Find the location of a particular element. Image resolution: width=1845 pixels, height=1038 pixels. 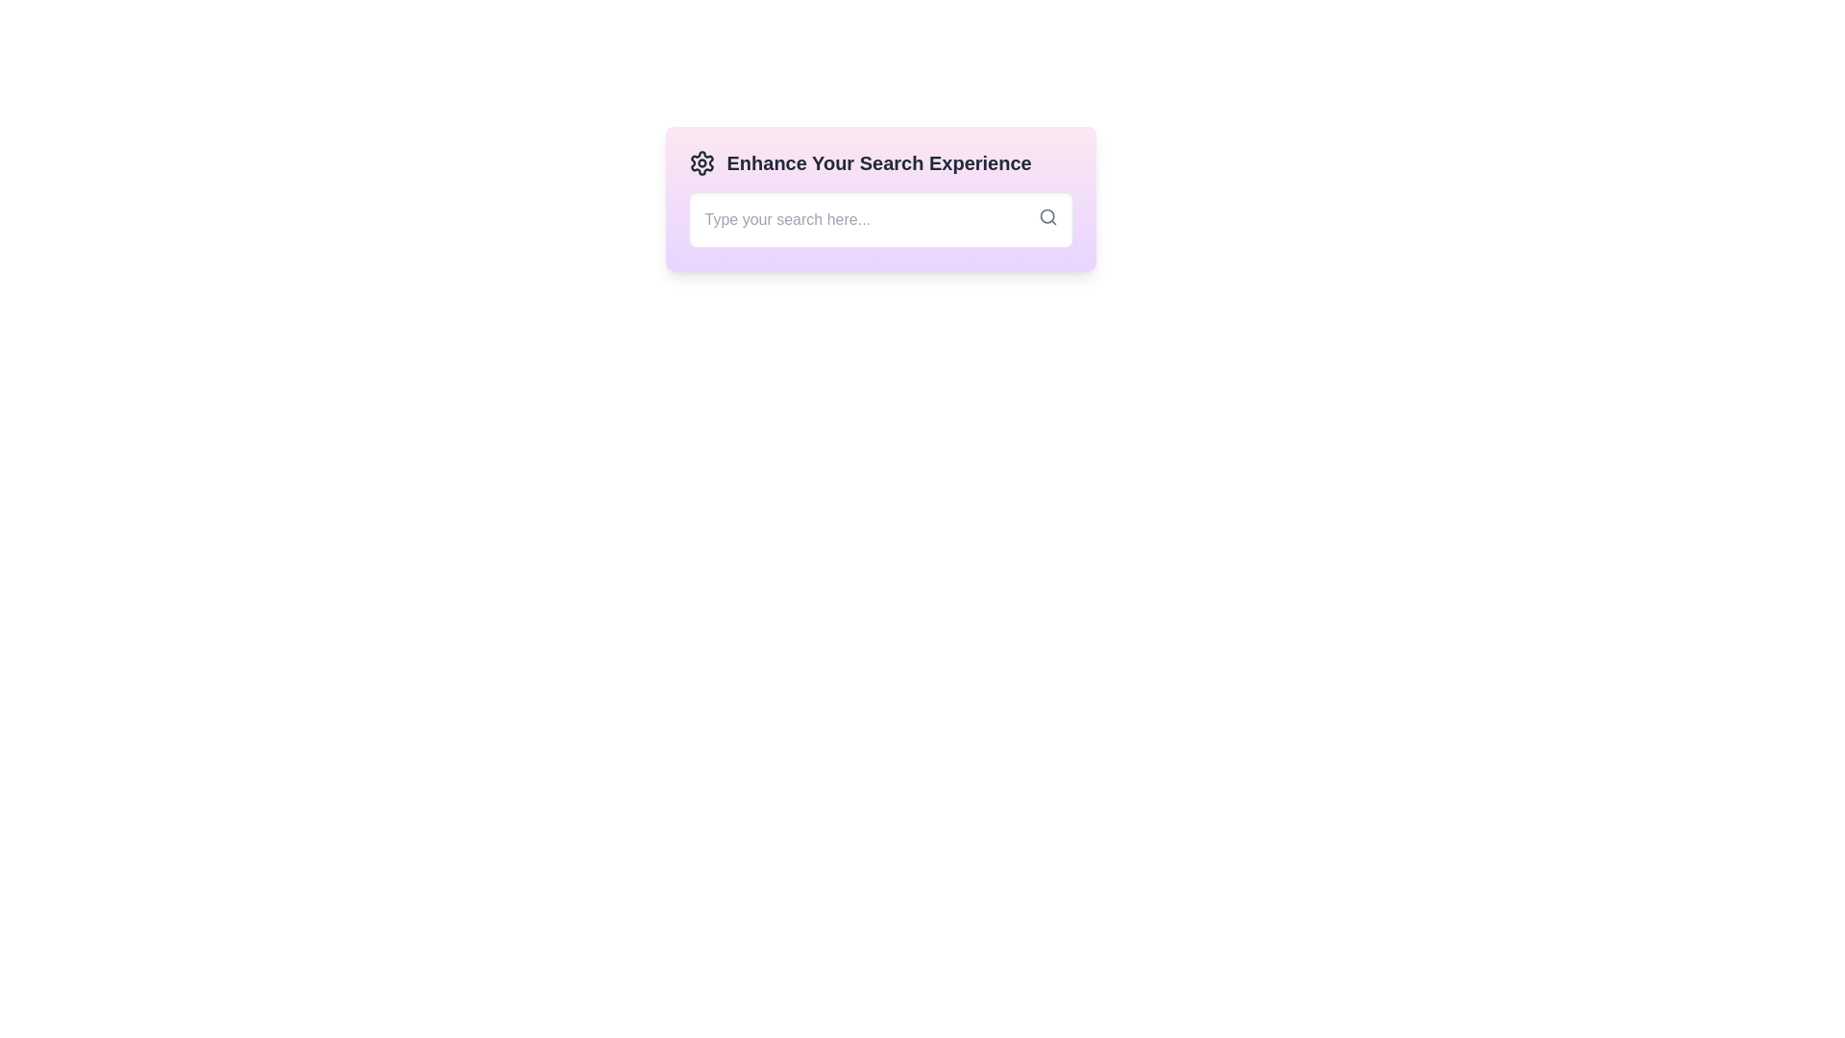

the title text label located at the upper section of the rounded card component, which provides a succinct summary of the content below is located at coordinates (879, 161).